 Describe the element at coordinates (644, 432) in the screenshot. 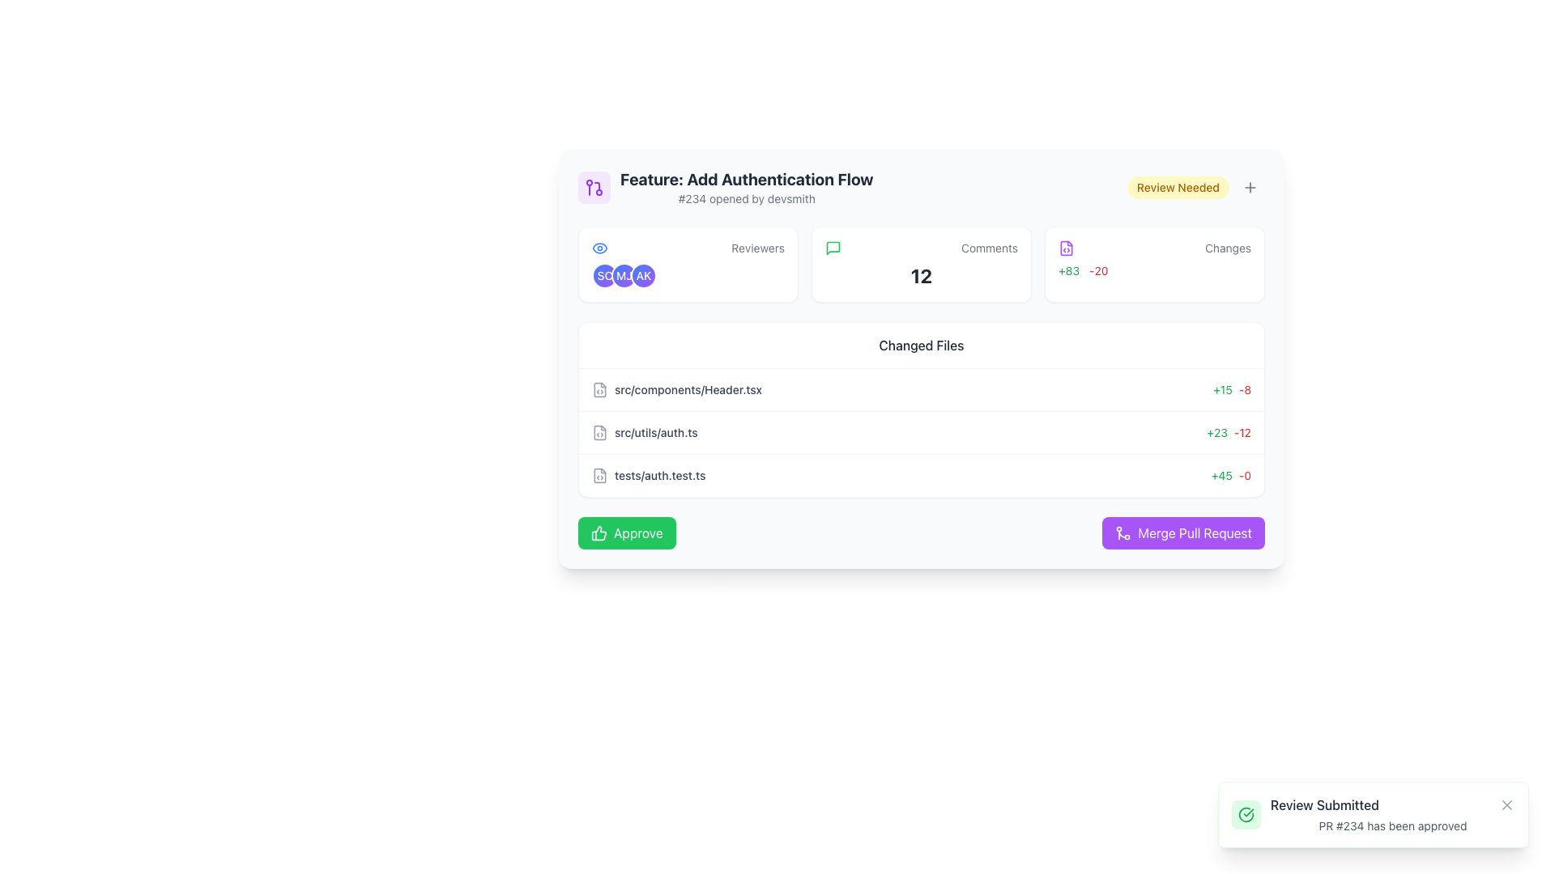

I see `the text label of the file named 'src/utils/auth.ts' in the list of changed files` at that location.